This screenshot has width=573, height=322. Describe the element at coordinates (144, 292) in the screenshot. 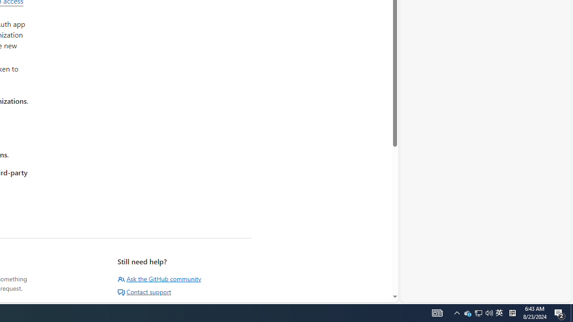

I see `'Contact support'` at that location.